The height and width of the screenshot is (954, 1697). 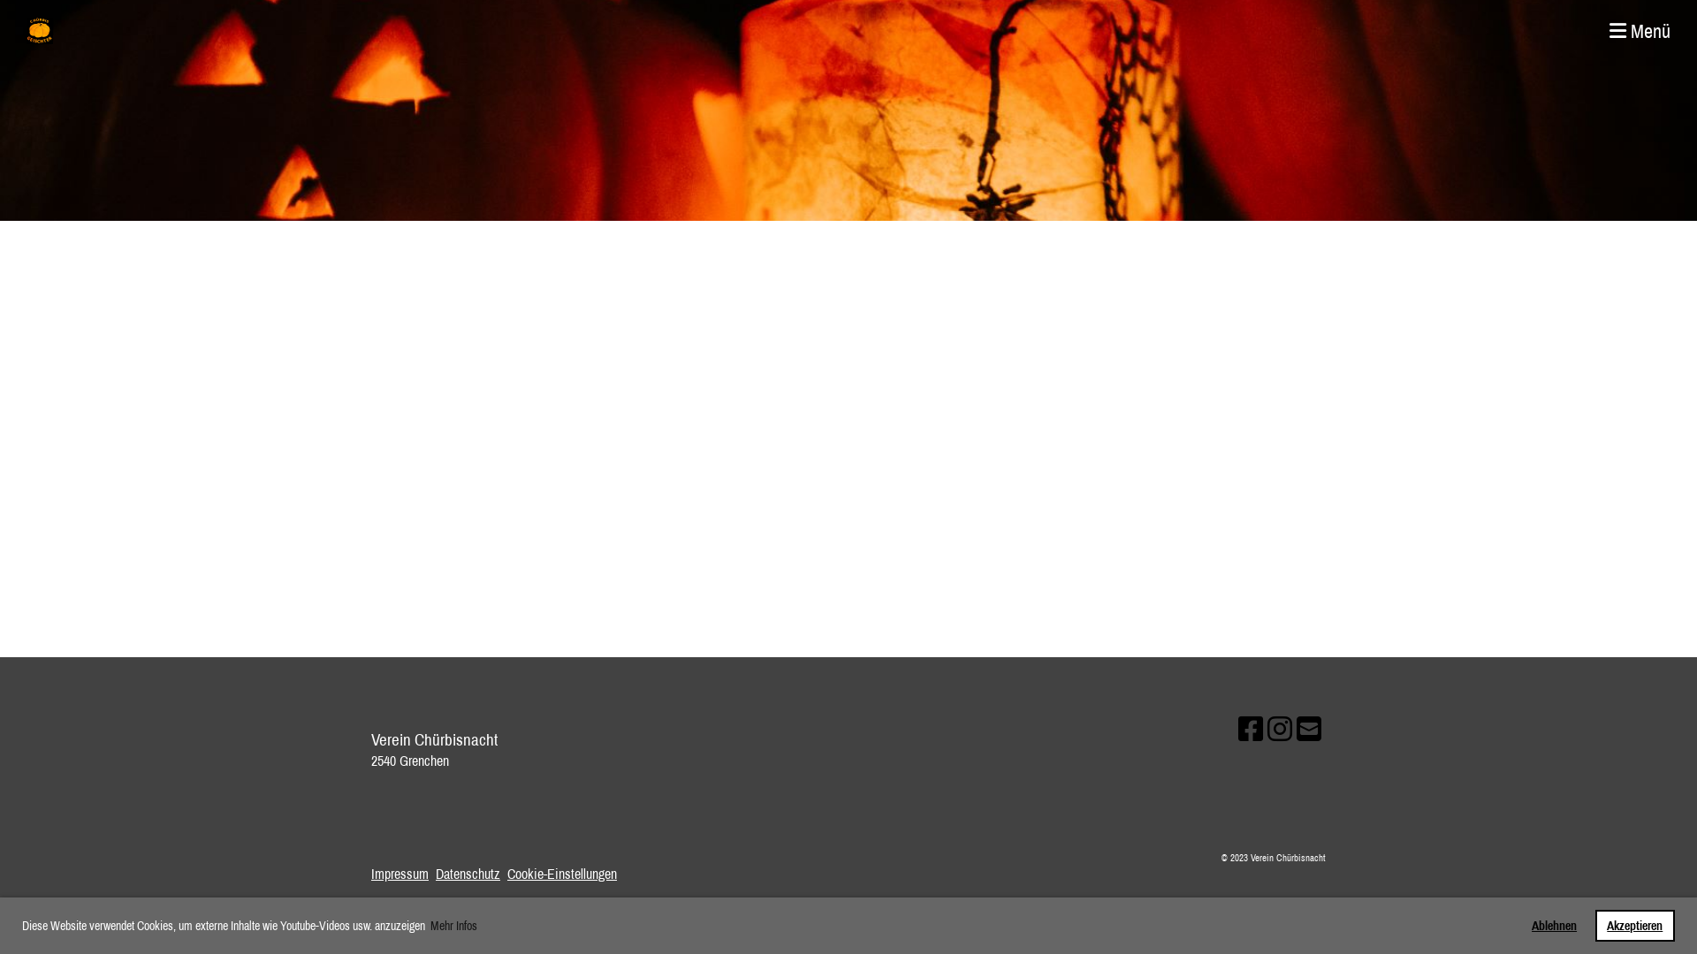 I want to click on 'Akzeptieren', so click(x=1633, y=925).